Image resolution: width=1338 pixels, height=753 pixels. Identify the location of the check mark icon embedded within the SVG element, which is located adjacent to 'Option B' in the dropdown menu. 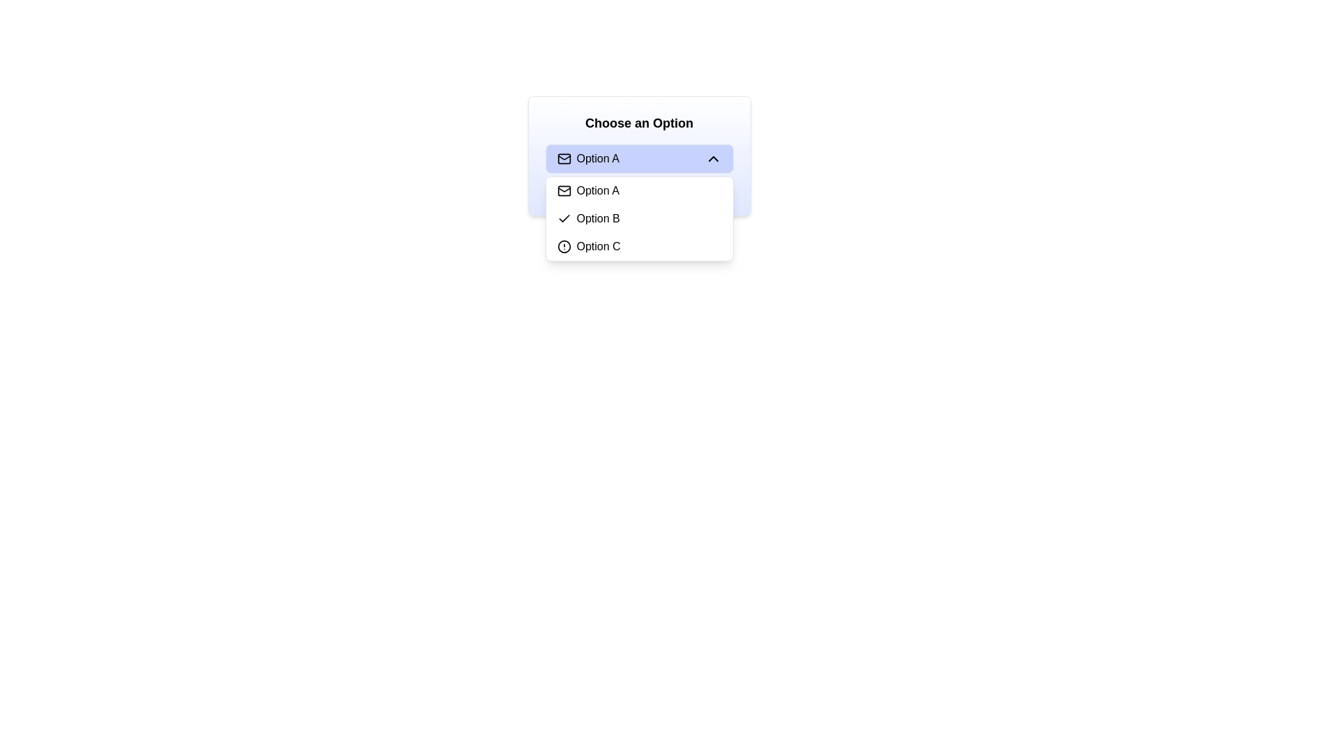
(564, 218).